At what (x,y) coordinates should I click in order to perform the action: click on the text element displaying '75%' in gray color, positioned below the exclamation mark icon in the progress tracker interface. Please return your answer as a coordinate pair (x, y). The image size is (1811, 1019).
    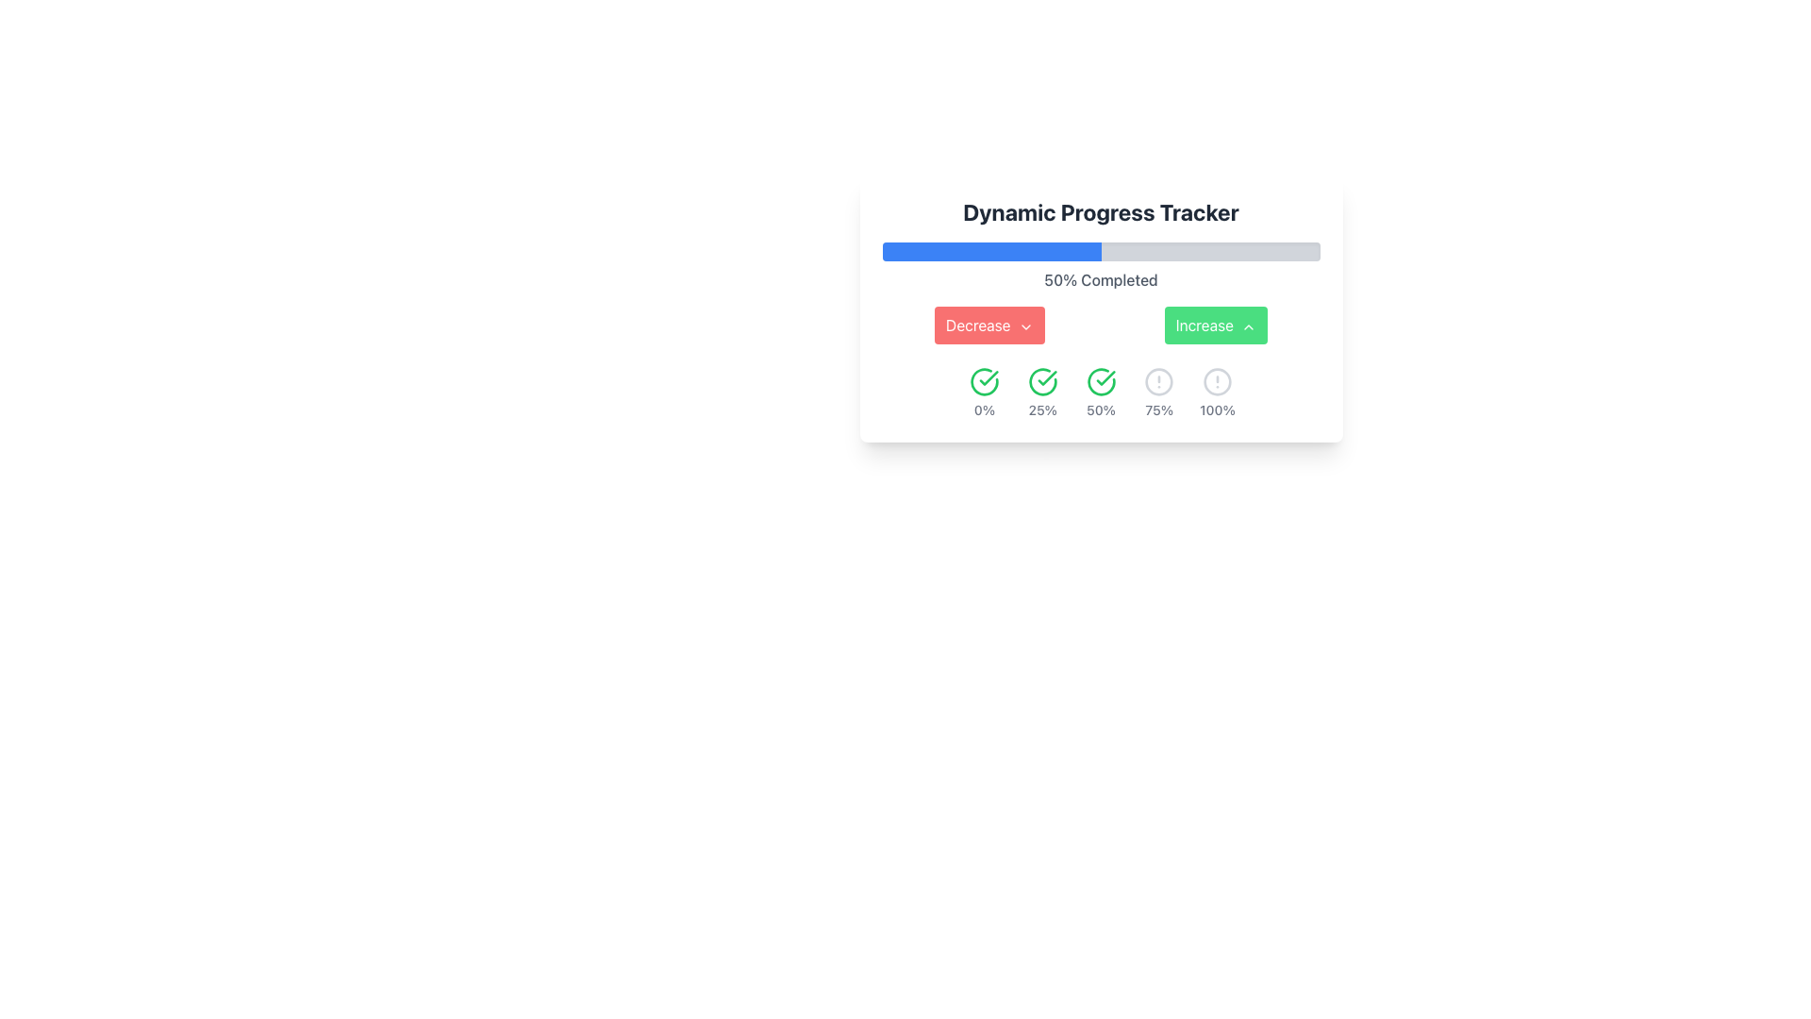
    Looking at the image, I should click on (1158, 409).